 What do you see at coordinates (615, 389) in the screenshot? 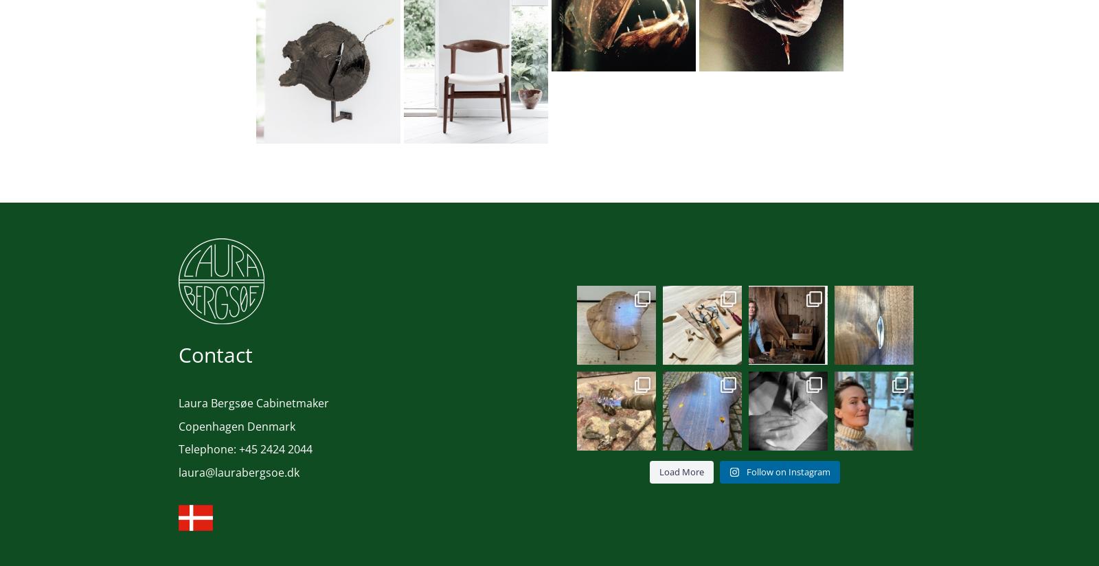
I see `'Bronze   and   slab   of   elm💛   #handcrafted  ...'` at bounding box center [615, 389].